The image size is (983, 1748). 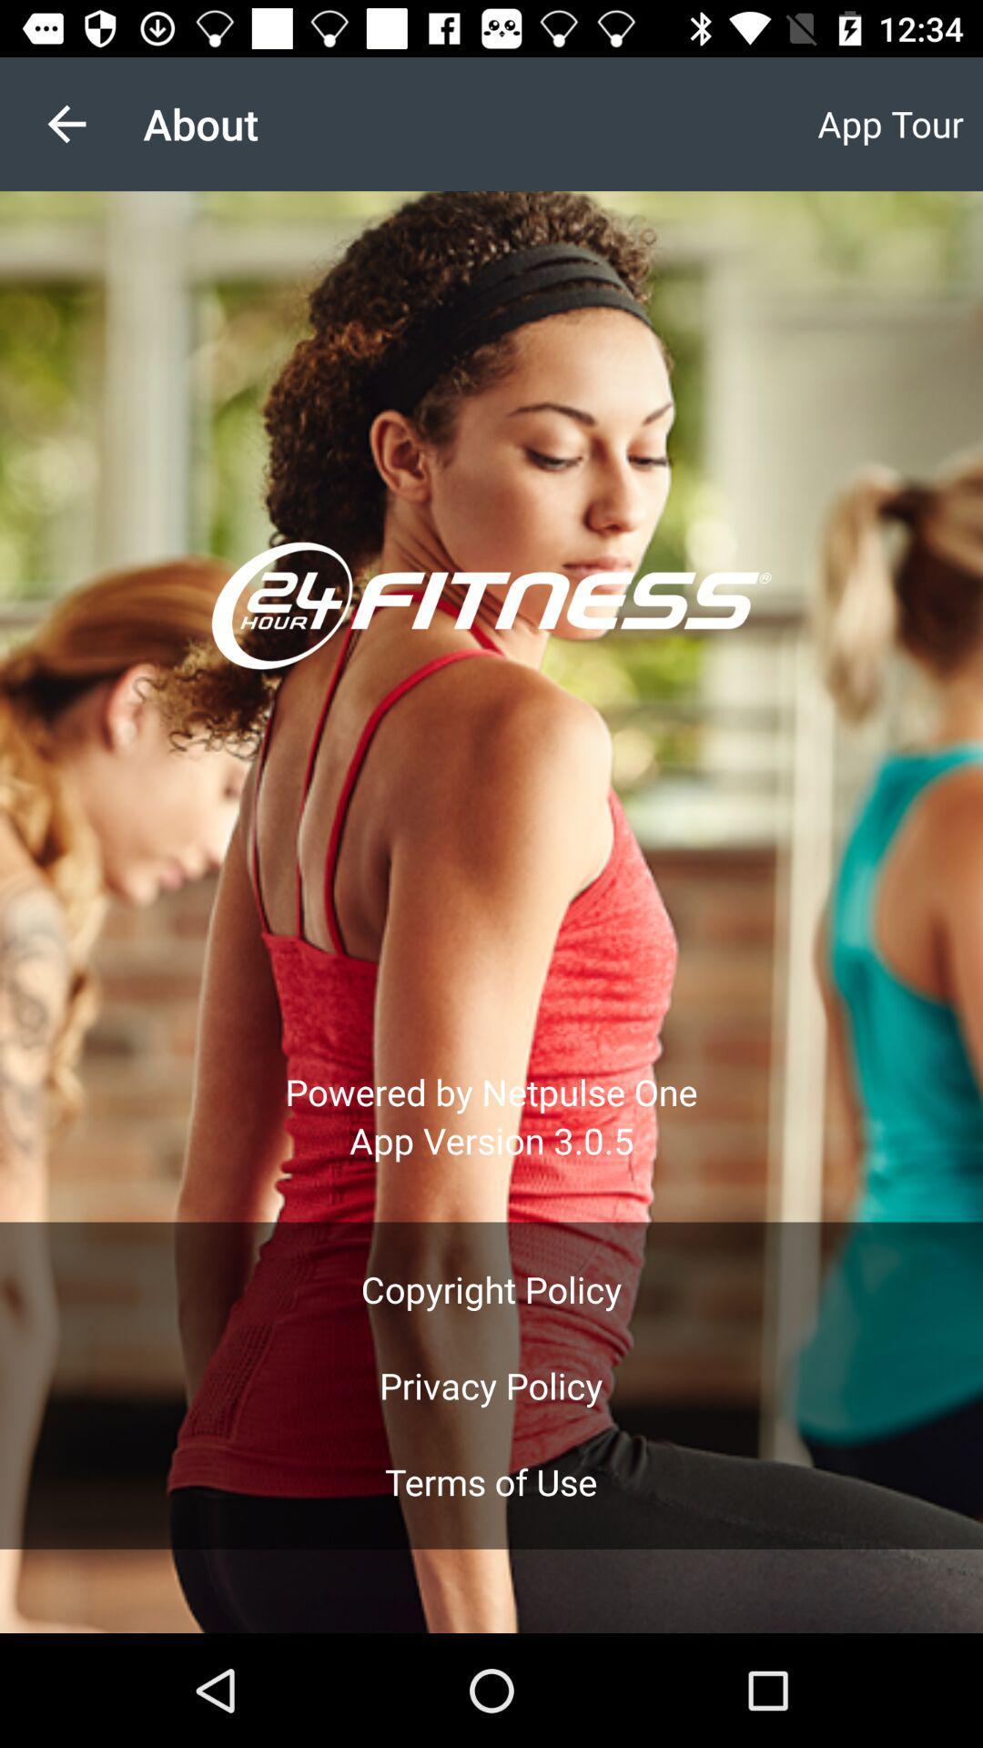 I want to click on the icon above privacy policy, so click(x=491, y=1288).